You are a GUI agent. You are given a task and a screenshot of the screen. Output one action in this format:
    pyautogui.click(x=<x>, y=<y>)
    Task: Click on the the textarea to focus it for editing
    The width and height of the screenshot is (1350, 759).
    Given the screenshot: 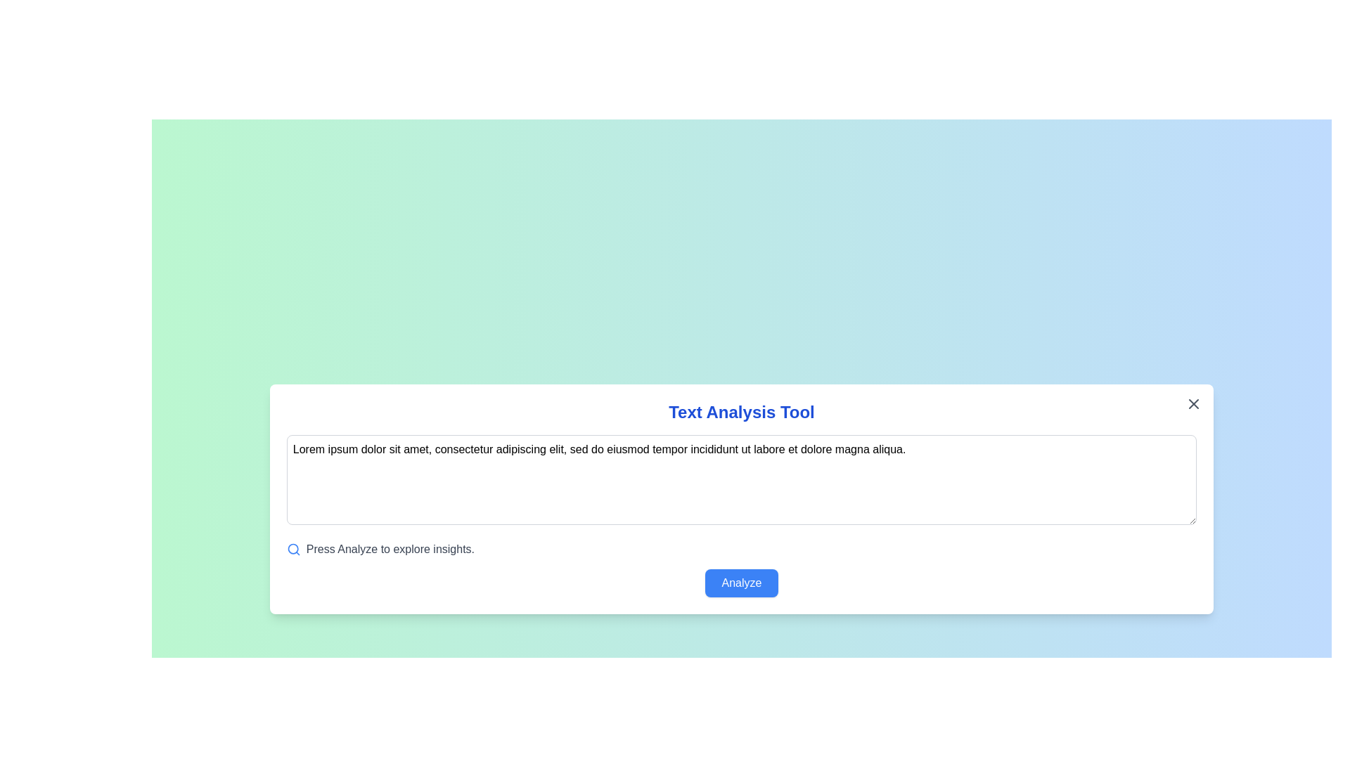 What is the action you would take?
    pyautogui.click(x=741, y=479)
    